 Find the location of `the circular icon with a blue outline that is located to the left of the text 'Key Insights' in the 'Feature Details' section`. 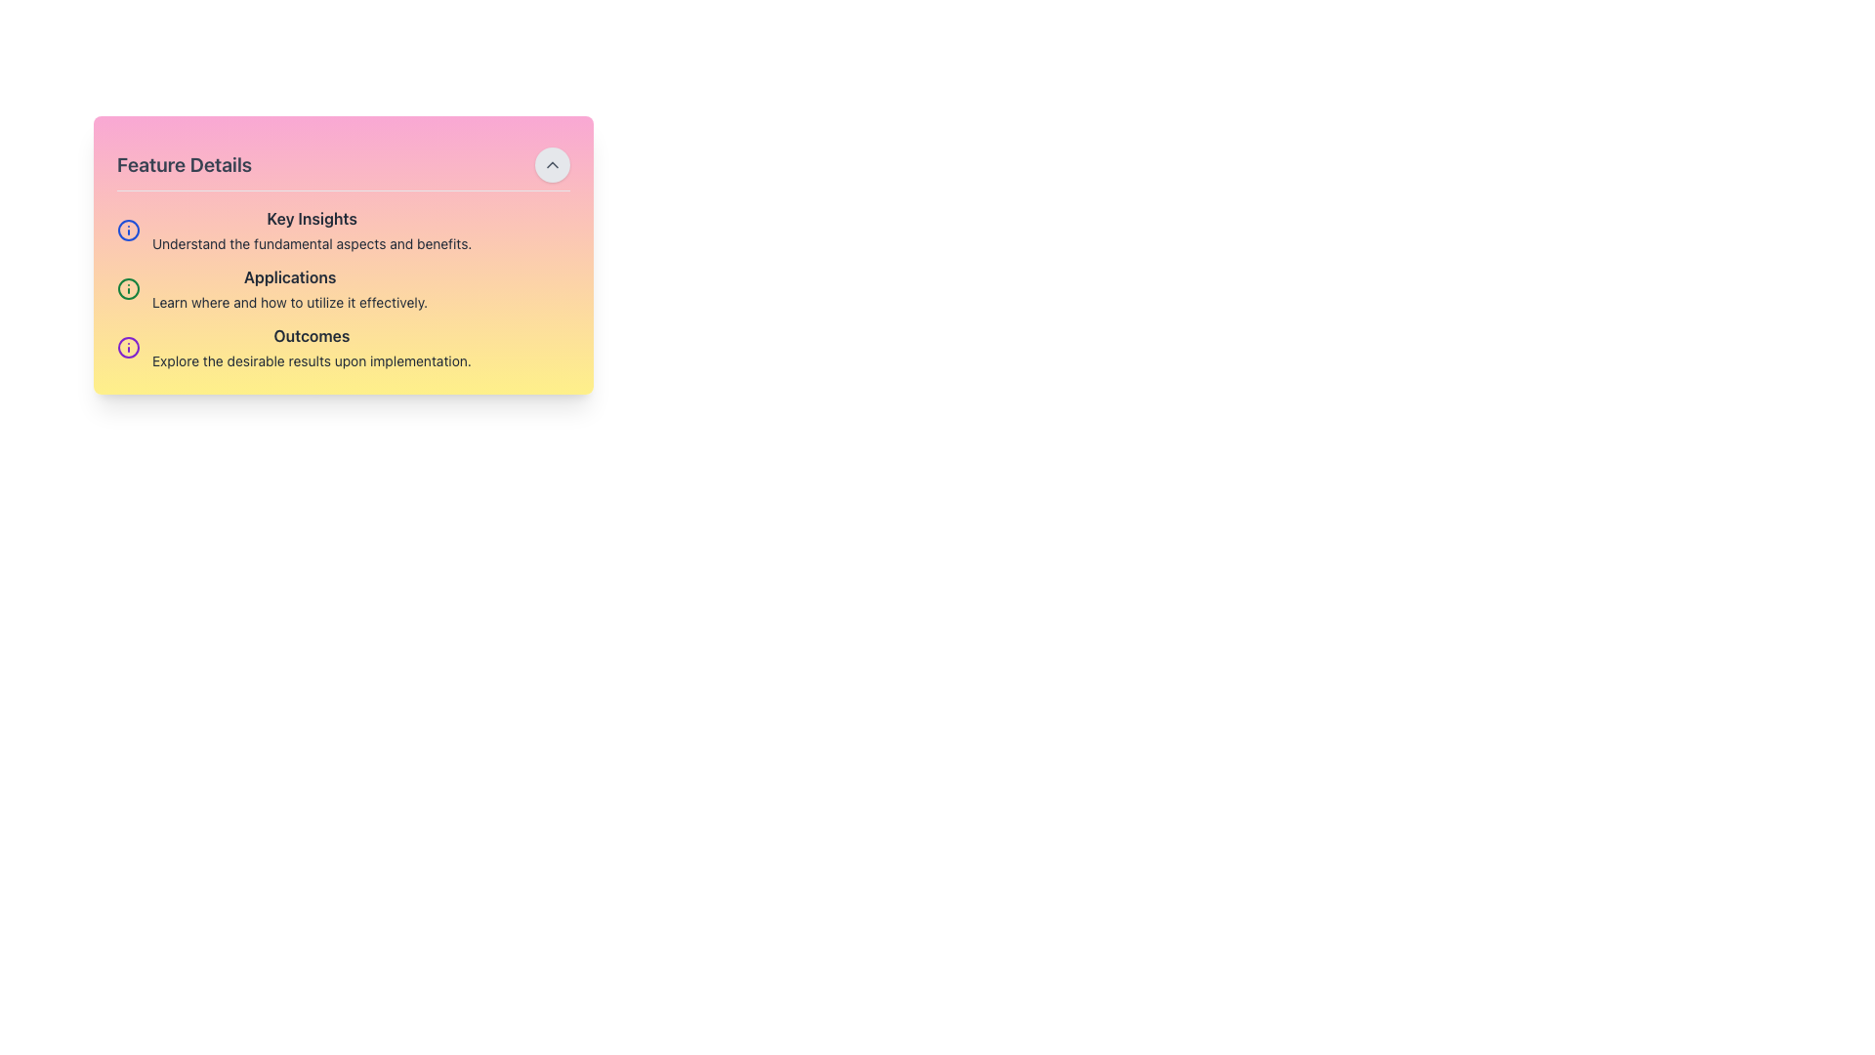

the circular icon with a blue outline that is located to the left of the text 'Key Insights' in the 'Feature Details' section is located at coordinates (128, 229).